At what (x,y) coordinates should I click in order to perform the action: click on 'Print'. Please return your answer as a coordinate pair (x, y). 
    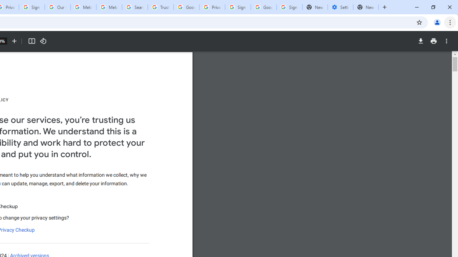
    Looking at the image, I should click on (433, 41).